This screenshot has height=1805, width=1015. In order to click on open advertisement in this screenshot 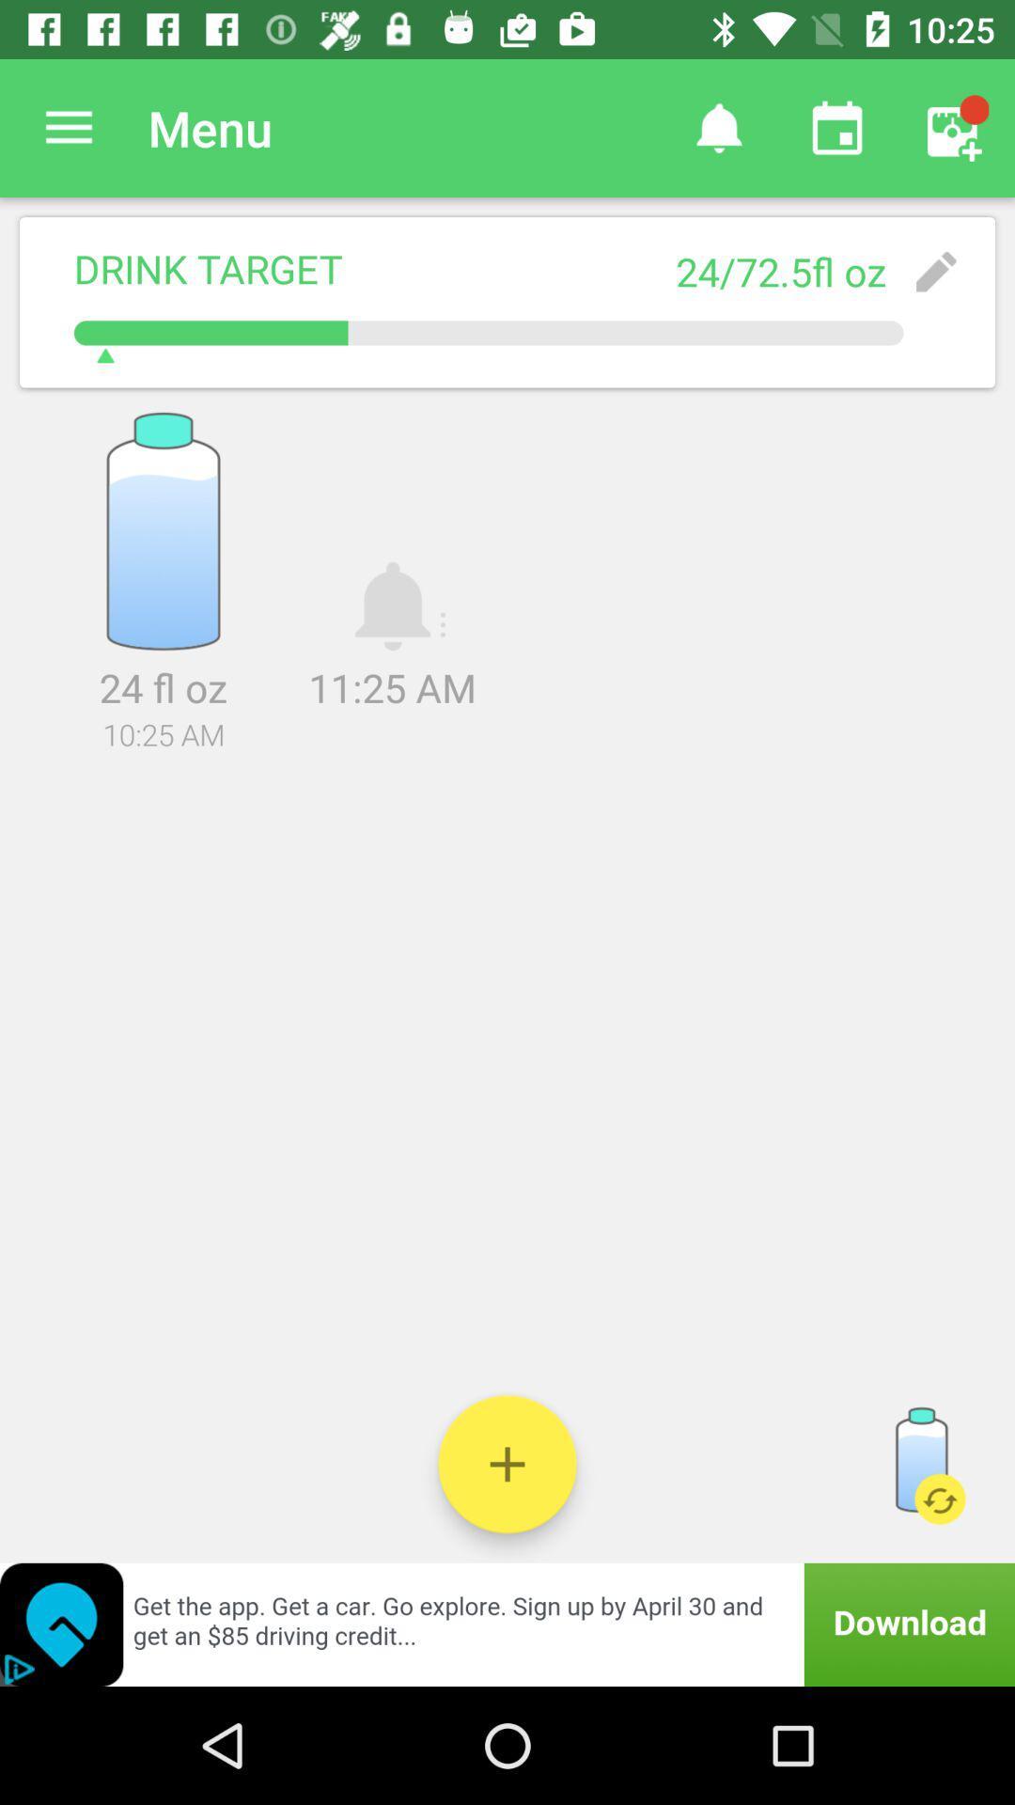, I will do `click(507, 1624)`.